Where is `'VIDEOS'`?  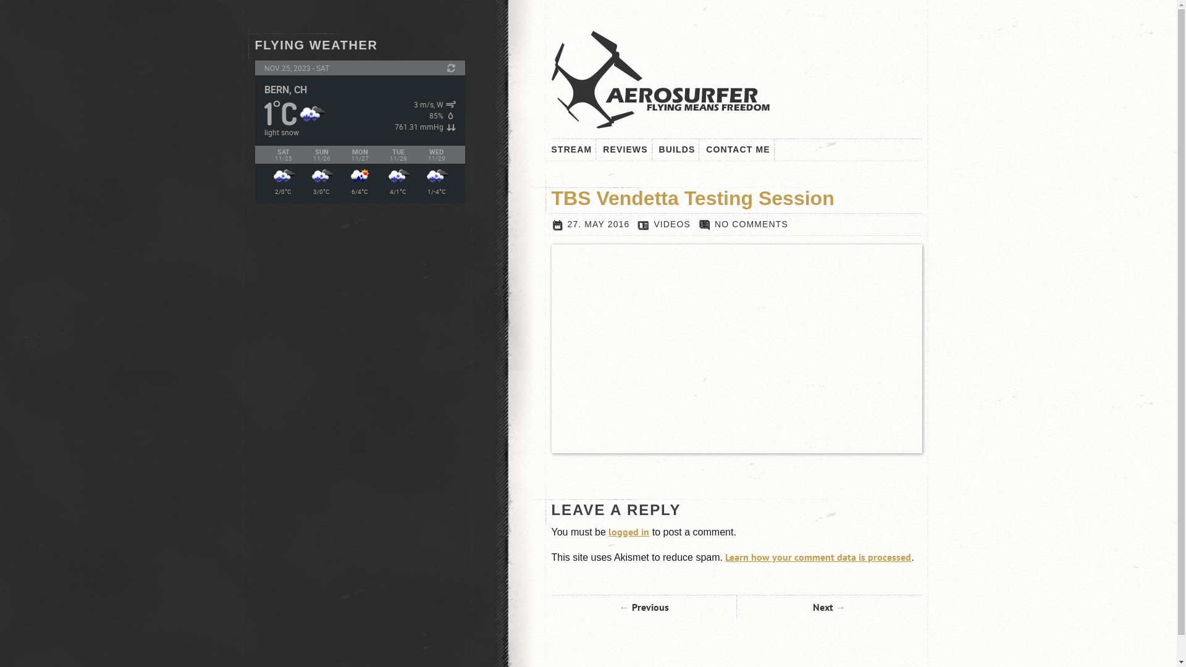 'VIDEOS' is located at coordinates (671, 224).